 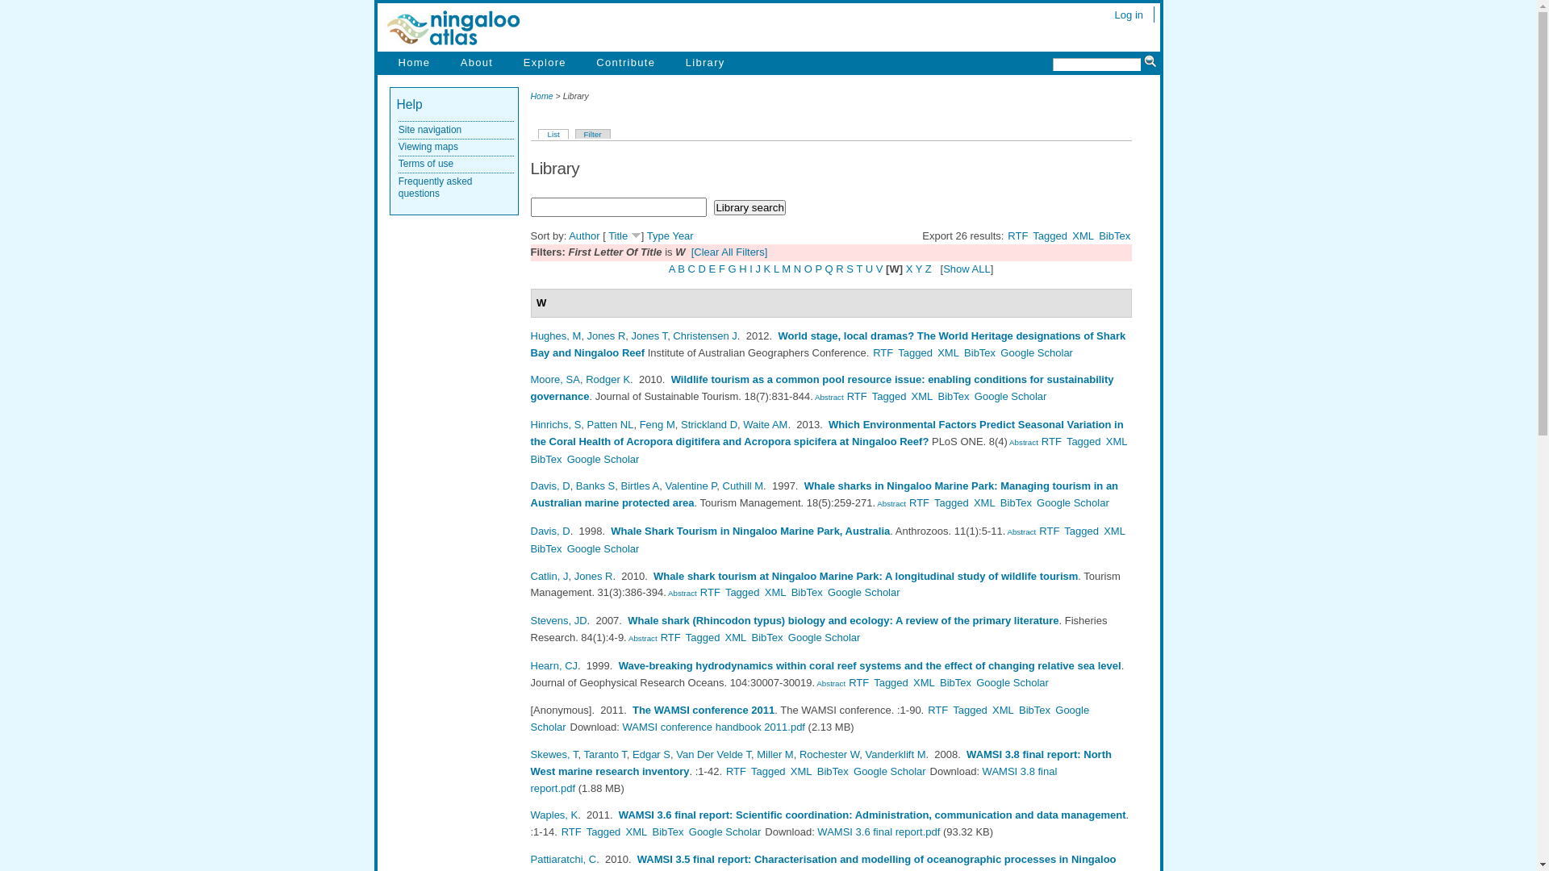 What do you see at coordinates (1128, 14) in the screenshot?
I see `'Log in'` at bounding box center [1128, 14].